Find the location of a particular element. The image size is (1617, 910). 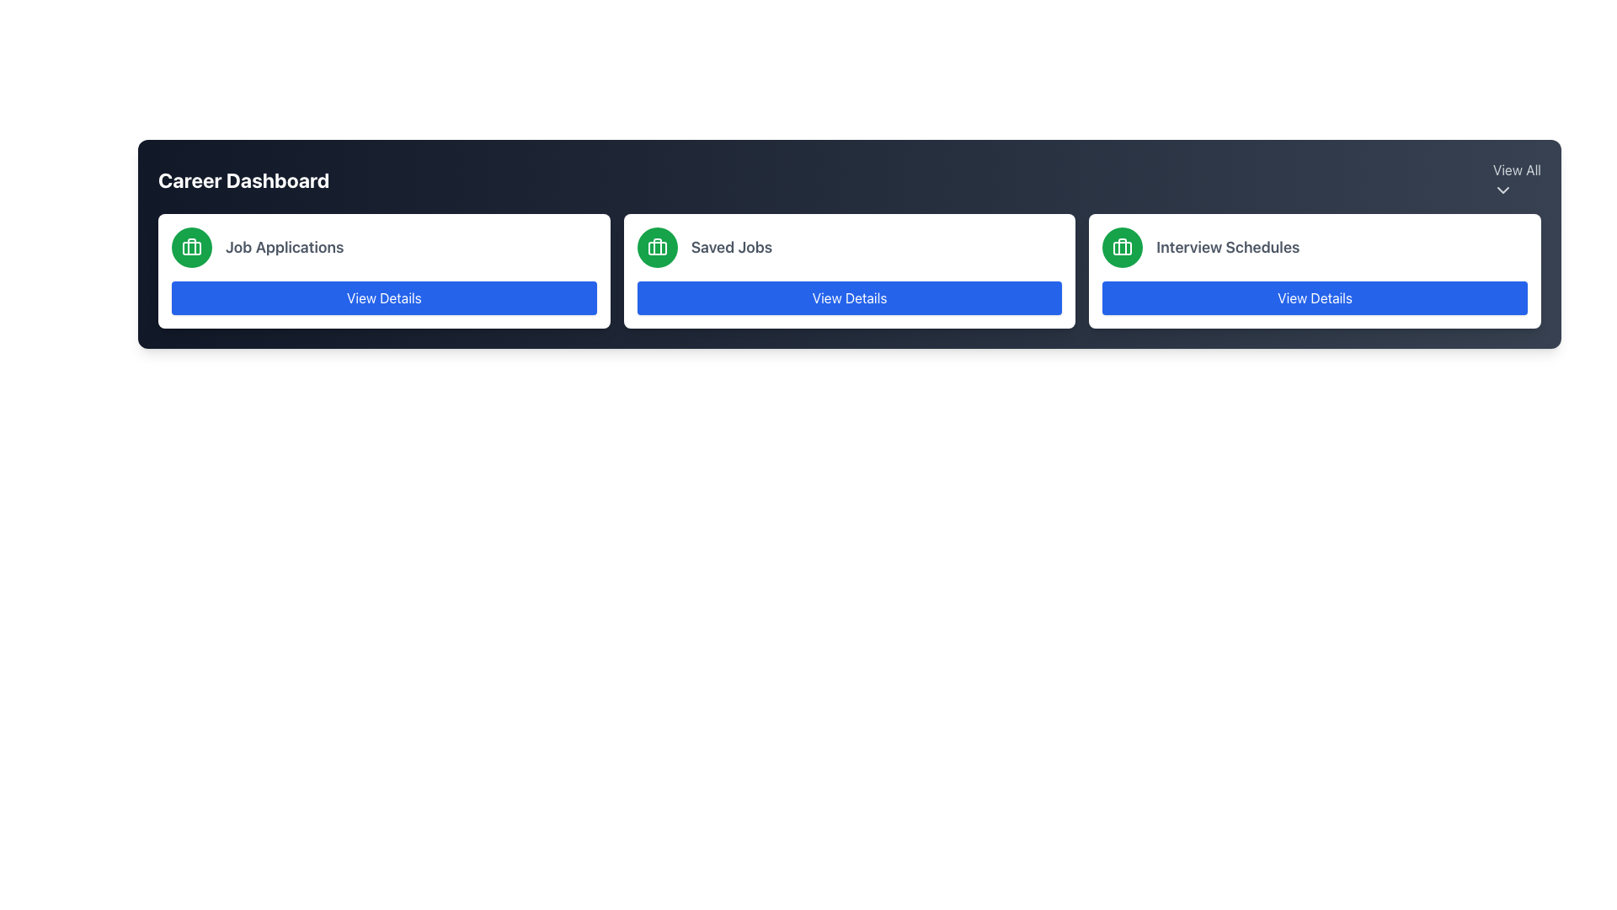

the blue 'View Details' button with white text located at the bottom of the 'Interview Schedules' card is located at coordinates (1314, 297).